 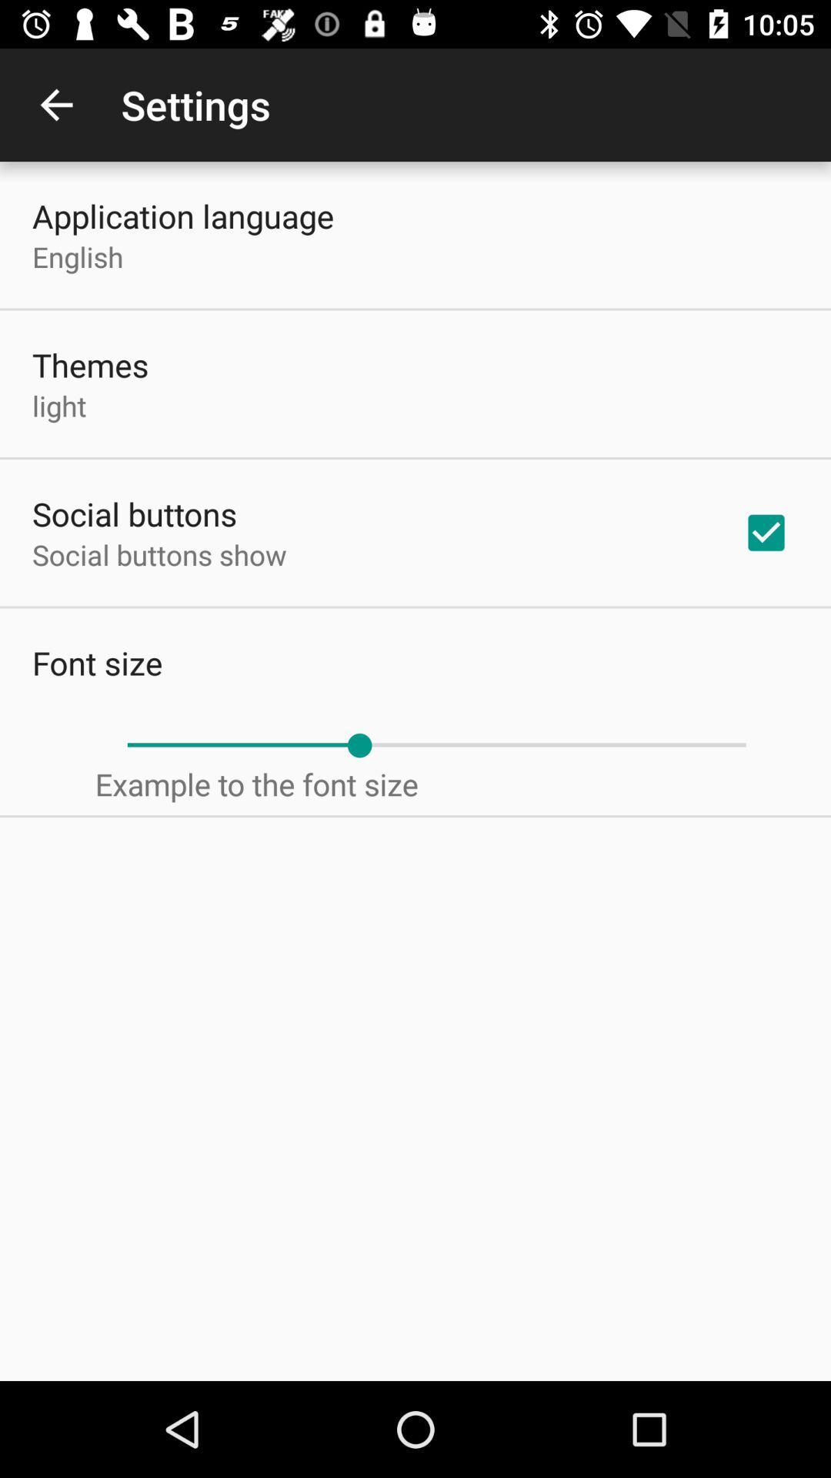 What do you see at coordinates (436, 745) in the screenshot?
I see `item above the example to the item` at bounding box center [436, 745].